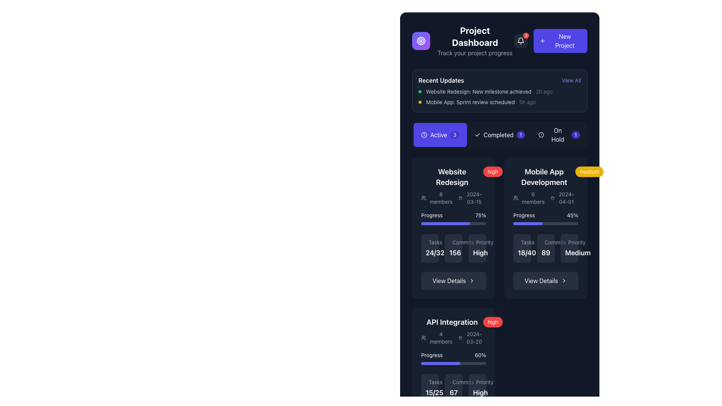  Describe the element at coordinates (437, 337) in the screenshot. I see `the '4 members' indicator within the 'API Integration' card` at that location.